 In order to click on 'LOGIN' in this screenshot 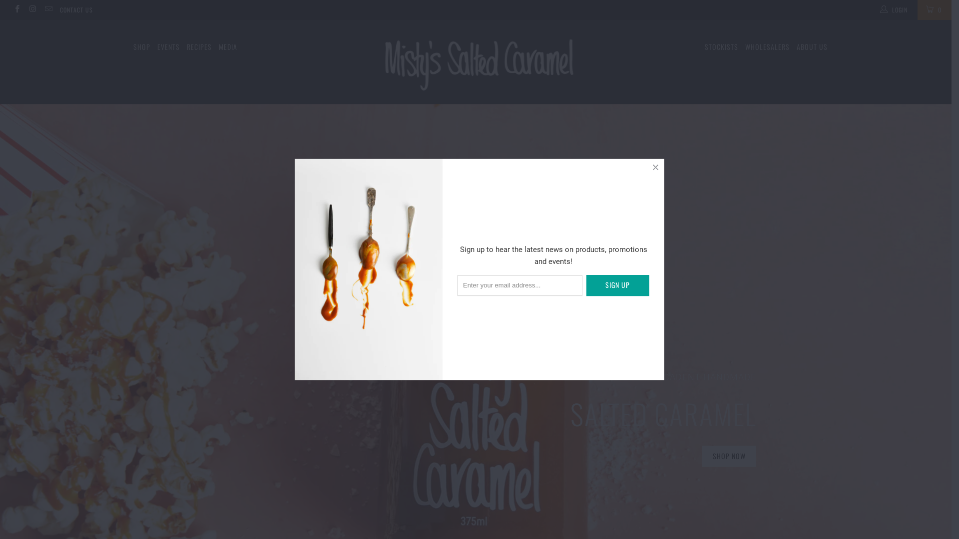, I will do `click(894, 9)`.